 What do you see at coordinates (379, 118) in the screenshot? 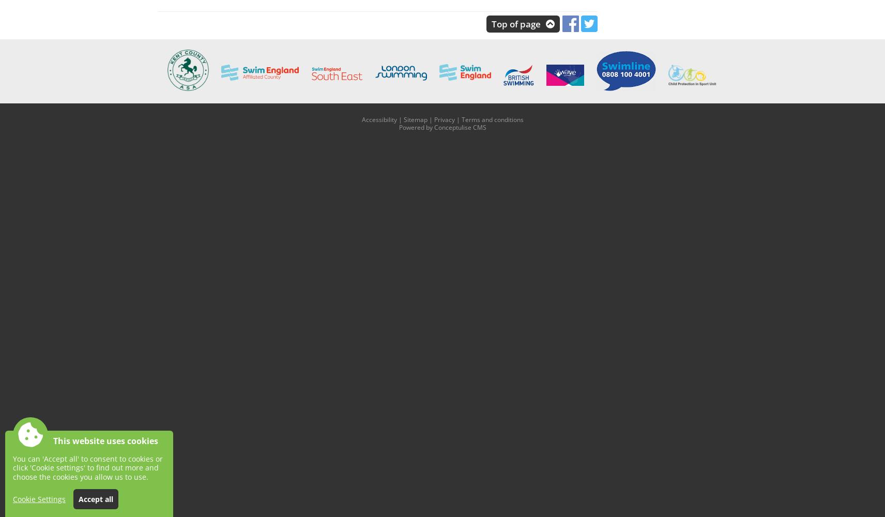
I see `'Accessibility'` at bounding box center [379, 118].